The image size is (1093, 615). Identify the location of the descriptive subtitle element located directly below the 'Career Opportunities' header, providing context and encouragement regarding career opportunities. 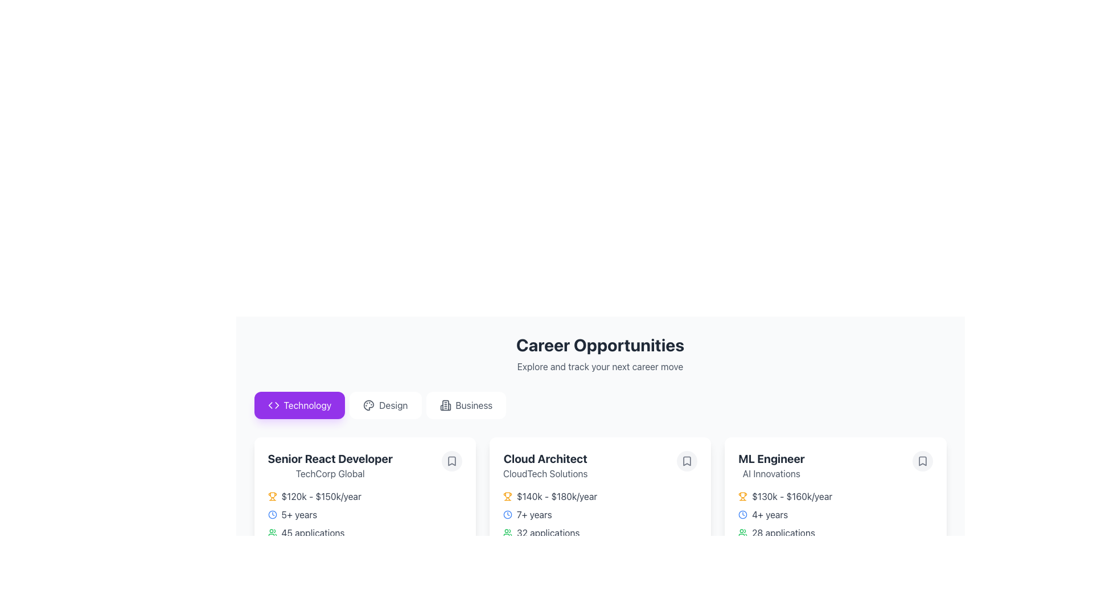
(599, 367).